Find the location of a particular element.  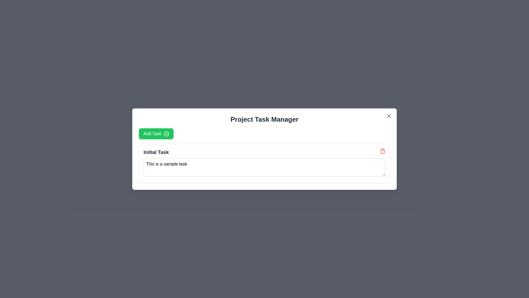

the close button in the top-right corner of the 'Project Task Manager' modal dialog to change its color is located at coordinates (388, 116).